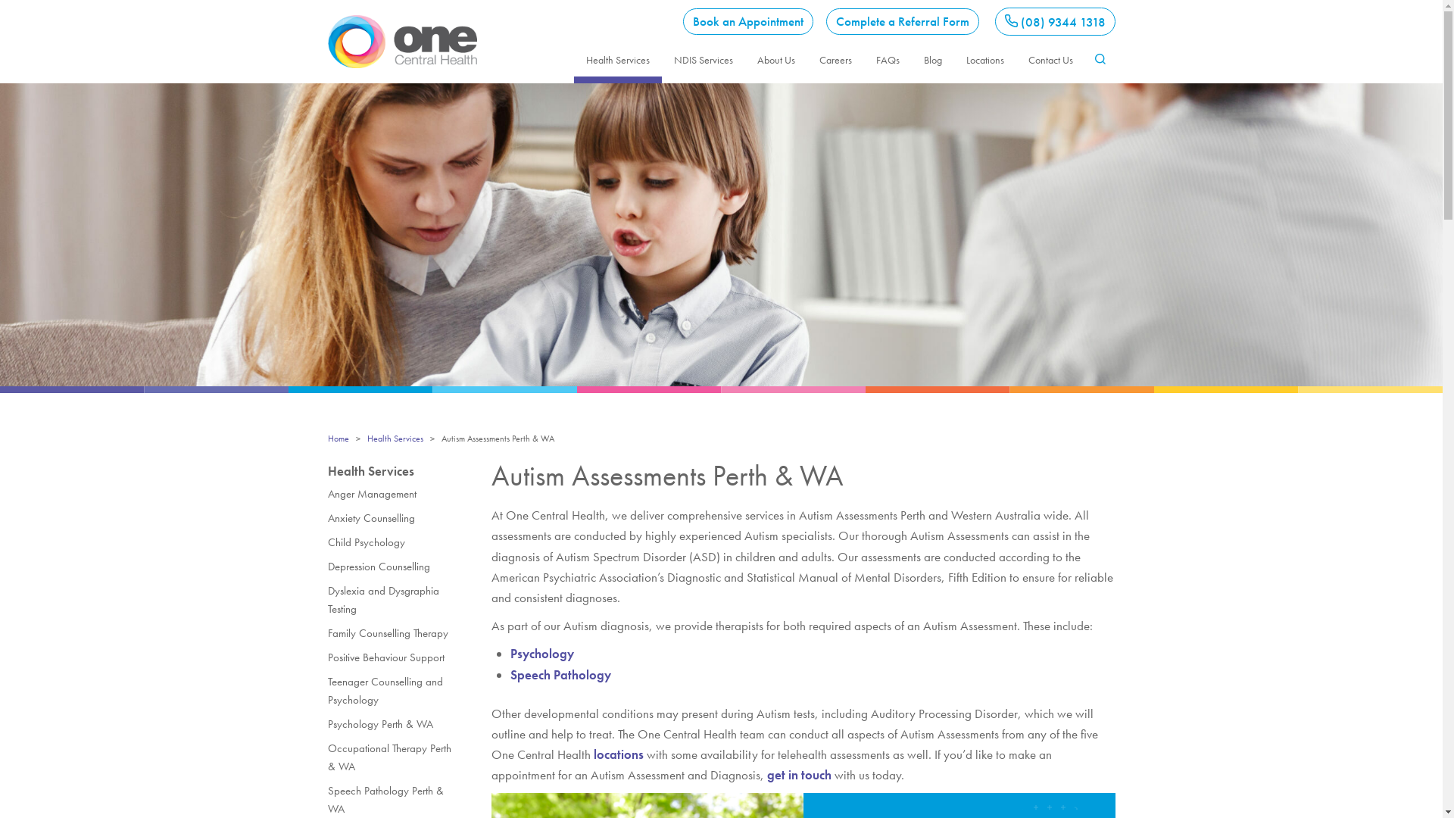 This screenshot has width=1454, height=818. What do you see at coordinates (911, 58) in the screenshot?
I see `'Blog'` at bounding box center [911, 58].